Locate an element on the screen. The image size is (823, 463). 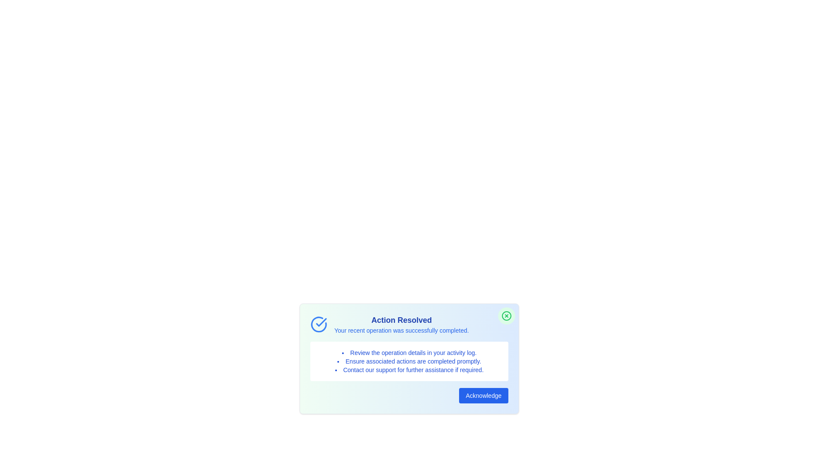
the 'Acknowledge' button to acknowledge the alert is located at coordinates (484, 395).